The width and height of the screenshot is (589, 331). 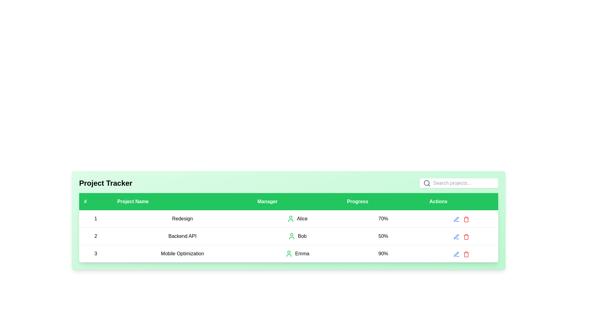 What do you see at coordinates (95, 253) in the screenshot?
I see `the Text label in the first cell of the third row of the table, which serves as an index for the row and is aligned with 'Mobile Optimization' and 'Emma'` at bounding box center [95, 253].